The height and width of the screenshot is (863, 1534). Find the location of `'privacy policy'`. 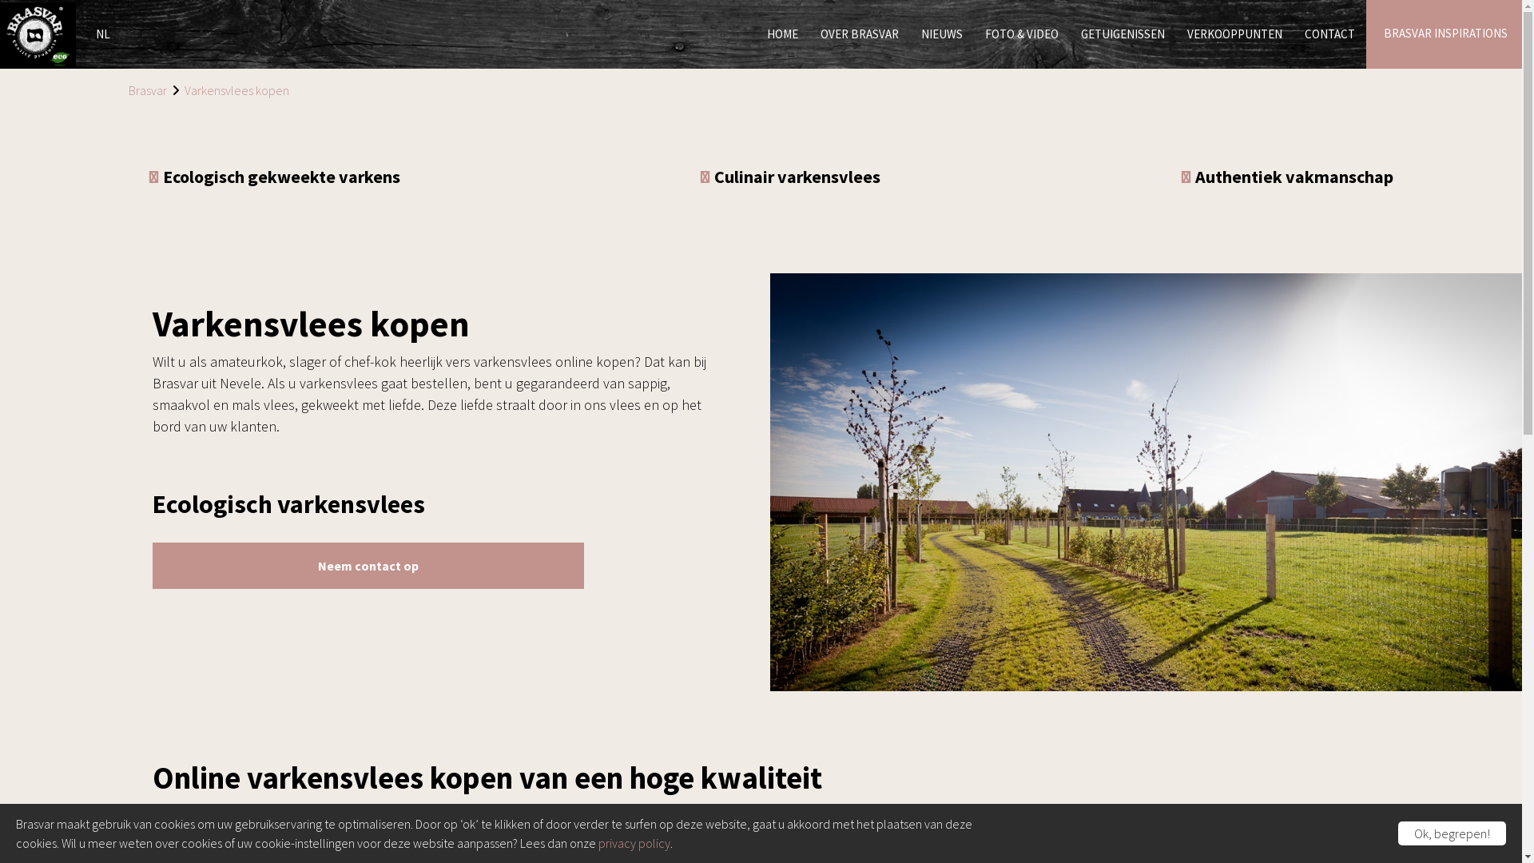

'privacy policy' is located at coordinates (633, 842).